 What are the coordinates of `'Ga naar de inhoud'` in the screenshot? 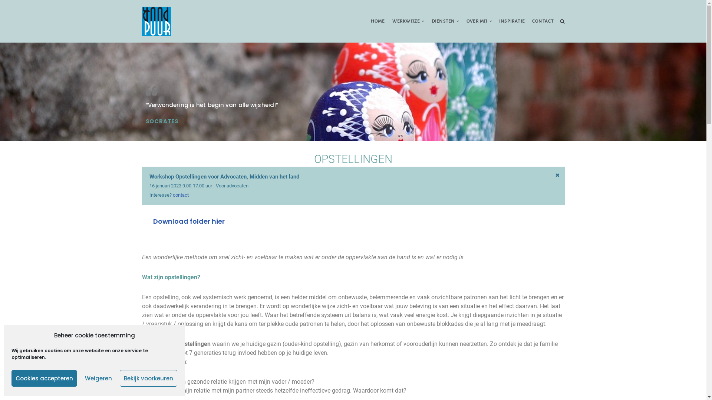 It's located at (5, 16).